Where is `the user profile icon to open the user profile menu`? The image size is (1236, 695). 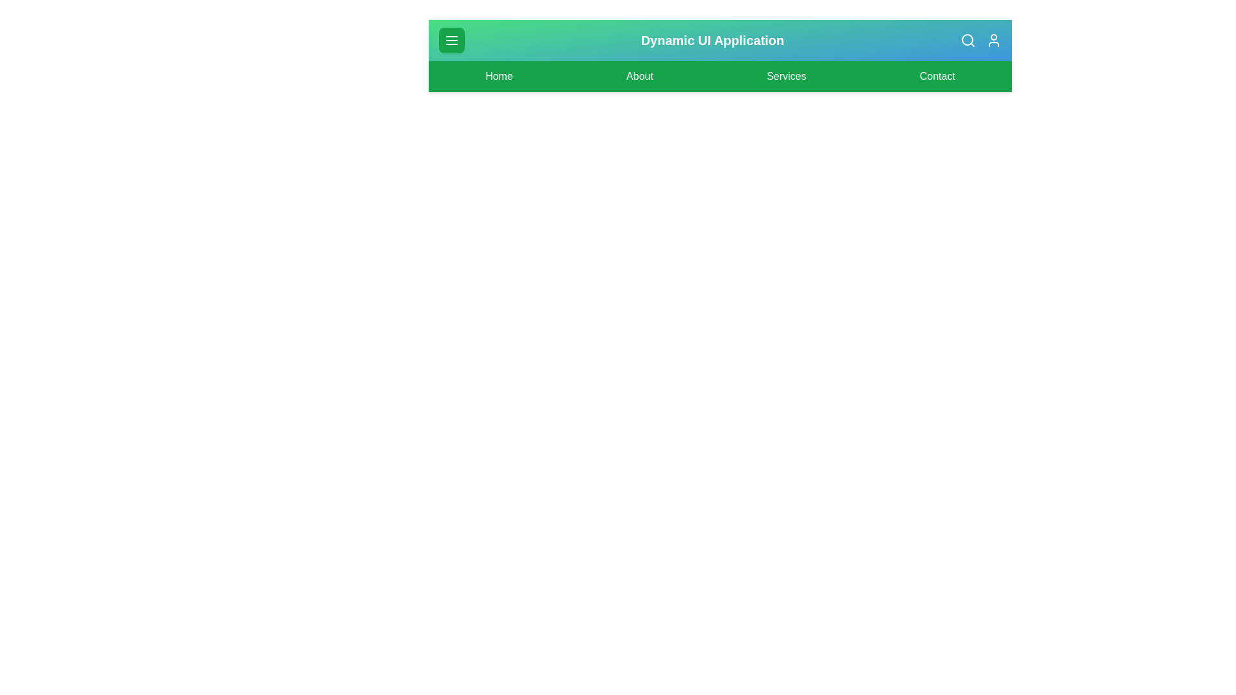 the user profile icon to open the user profile menu is located at coordinates (993, 39).